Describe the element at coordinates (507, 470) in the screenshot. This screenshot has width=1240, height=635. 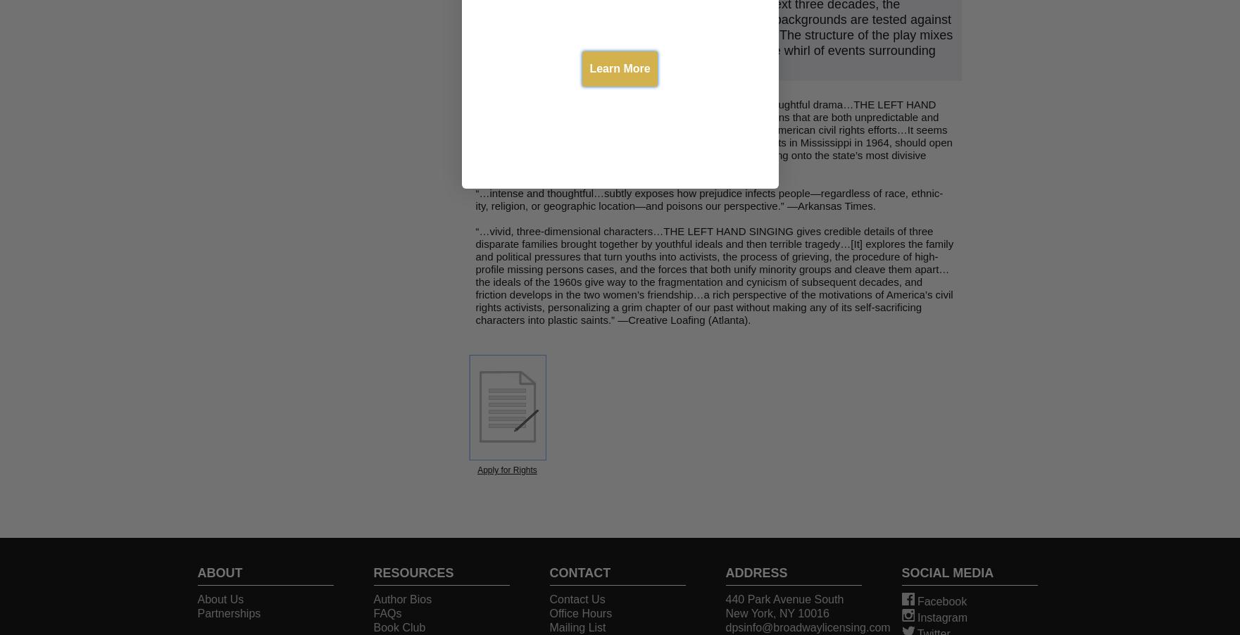
I see `'Apply for Rights'` at that location.